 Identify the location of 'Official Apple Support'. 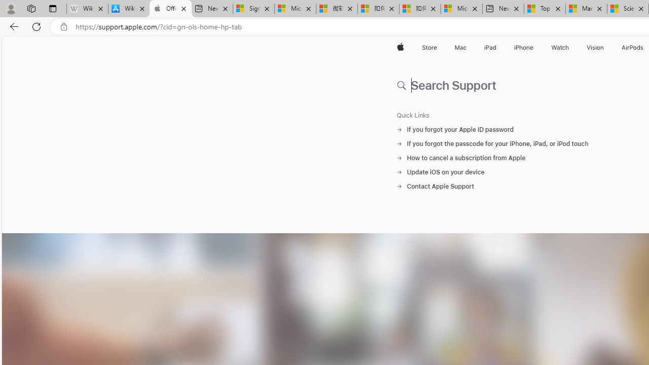
(170, 9).